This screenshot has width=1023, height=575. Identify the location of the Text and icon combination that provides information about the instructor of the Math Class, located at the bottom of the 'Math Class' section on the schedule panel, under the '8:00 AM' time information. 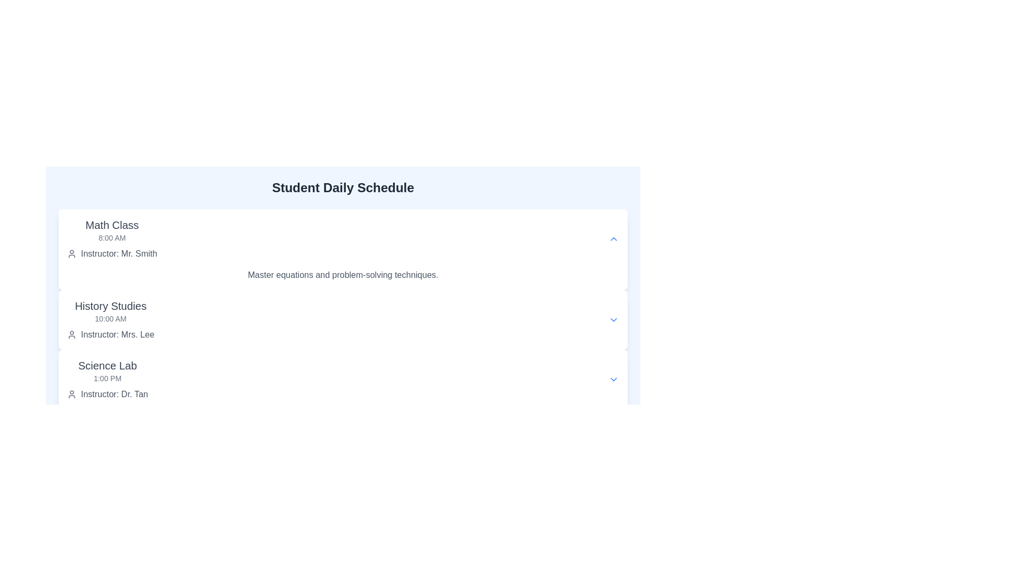
(112, 254).